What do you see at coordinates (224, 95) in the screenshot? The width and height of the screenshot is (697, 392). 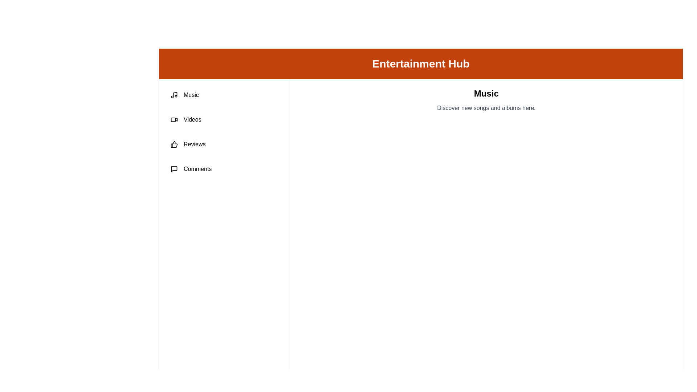 I see `the tab labeled Music from the tab list` at bounding box center [224, 95].